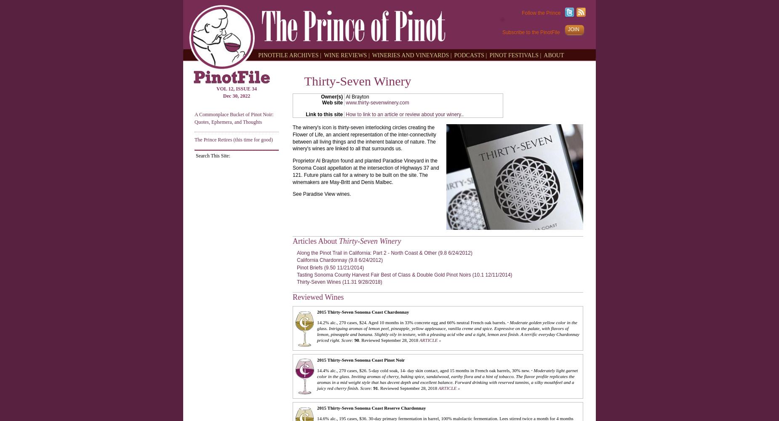  What do you see at coordinates (331, 96) in the screenshot?
I see `'Owner(s)'` at bounding box center [331, 96].